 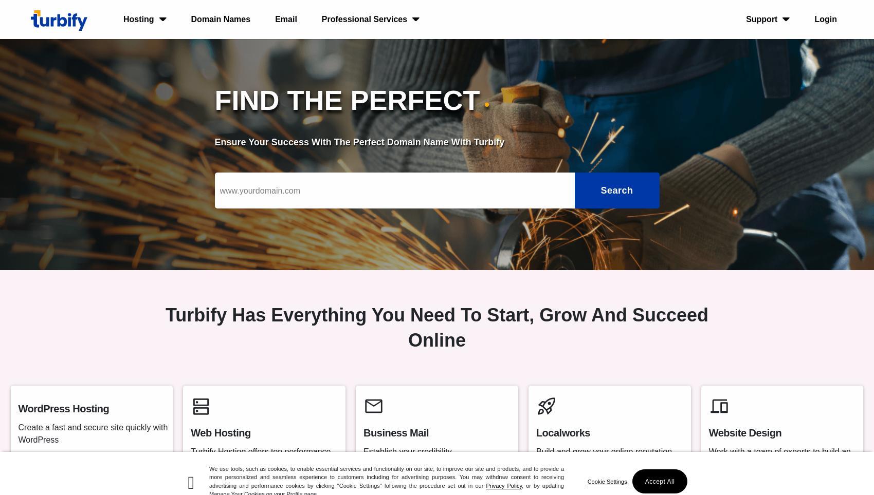 What do you see at coordinates (138, 18) in the screenshot?
I see `'Hosting'` at bounding box center [138, 18].